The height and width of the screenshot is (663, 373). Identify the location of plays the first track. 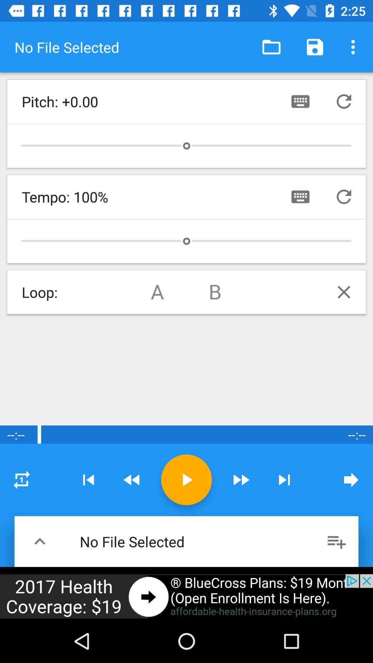
(157, 292).